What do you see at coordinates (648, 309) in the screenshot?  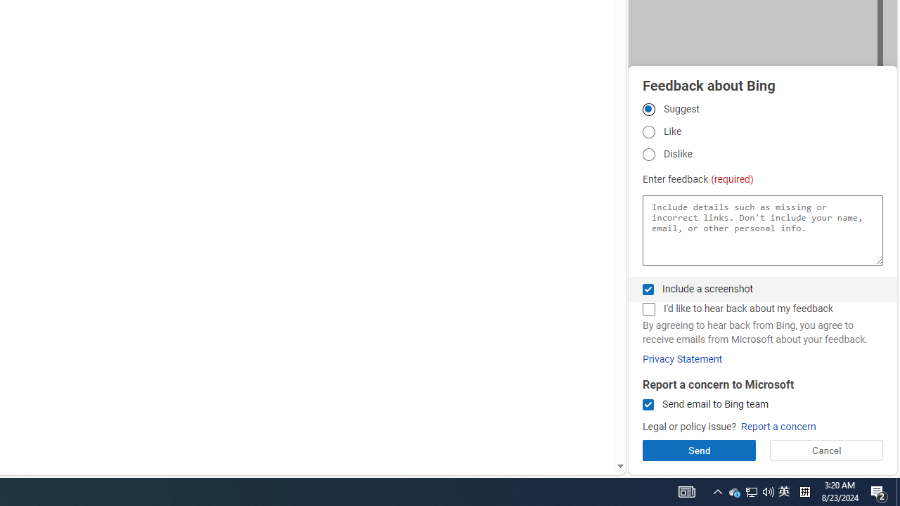 I see `'I'` at bounding box center [648, 309].